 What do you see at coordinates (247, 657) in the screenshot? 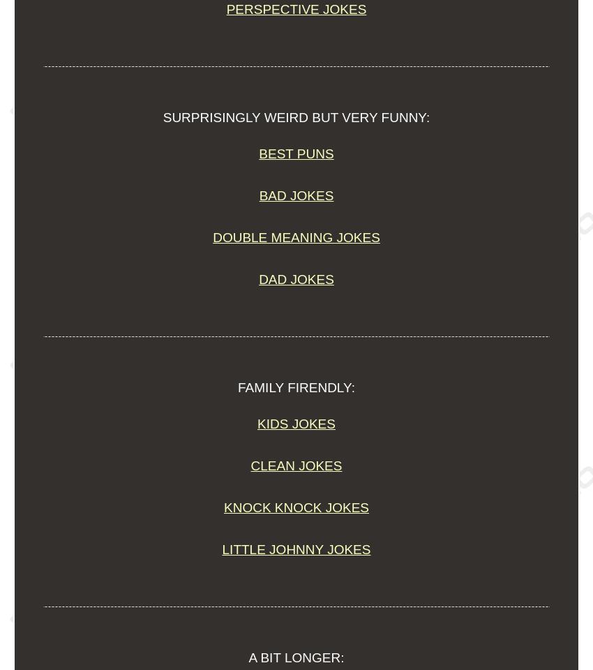
I see `'A Bit Longer:'` at bounding box center [247, 657].